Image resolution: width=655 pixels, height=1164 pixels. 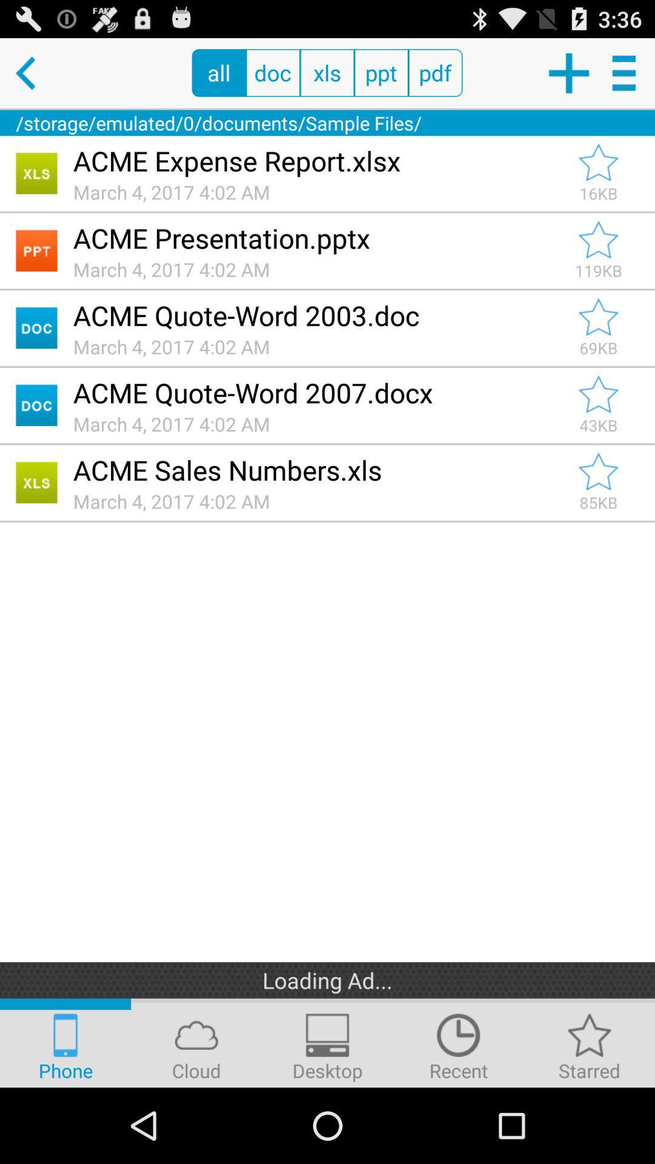 What do you see at coordinates (34, 72) in the screenshot?
I see `previous` at bounding box center [34, 72].